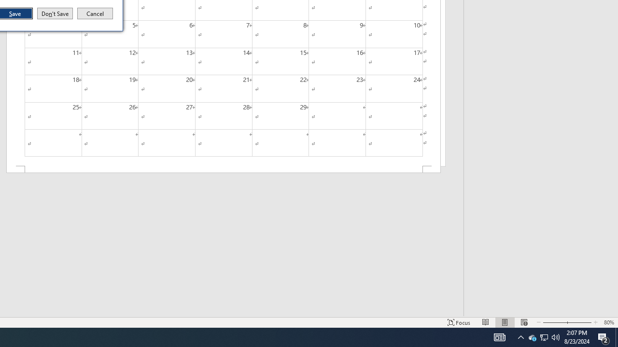 Image resolution: width=618 pixels, height=347 pixels. Describe the element at coordinates (54, 13) in the screenshot. I see `'Don'` at that location.